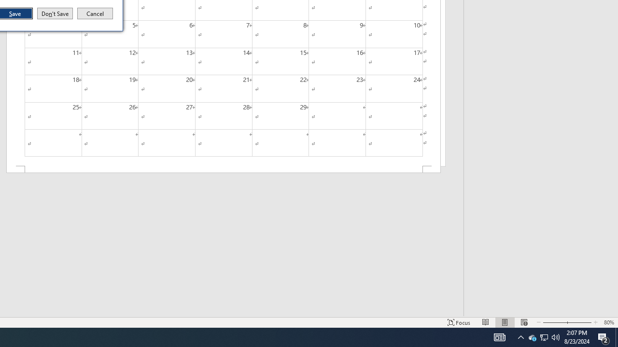 Image resolution: width=618 pixels, height=347 pixels. Describe the element at coordinates (54, 13) in the screenshot. I see `'Don'` at that location.